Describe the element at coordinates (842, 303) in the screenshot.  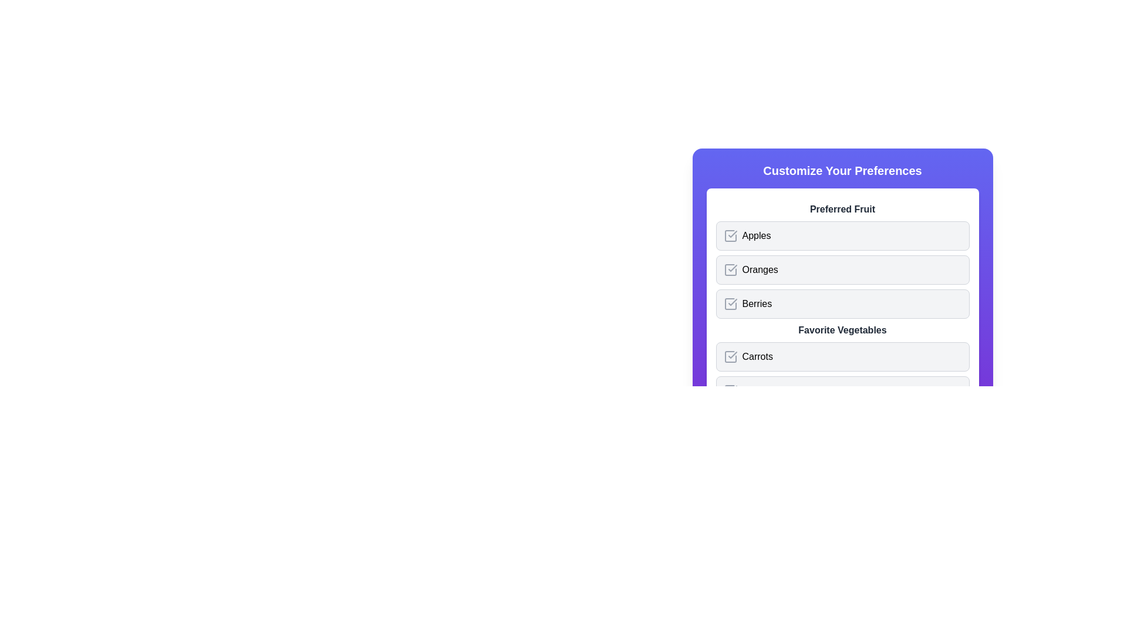
I see `the checkbox labeled 'Berries' for reordering within the 'Preferred Fruit' section` at that location.